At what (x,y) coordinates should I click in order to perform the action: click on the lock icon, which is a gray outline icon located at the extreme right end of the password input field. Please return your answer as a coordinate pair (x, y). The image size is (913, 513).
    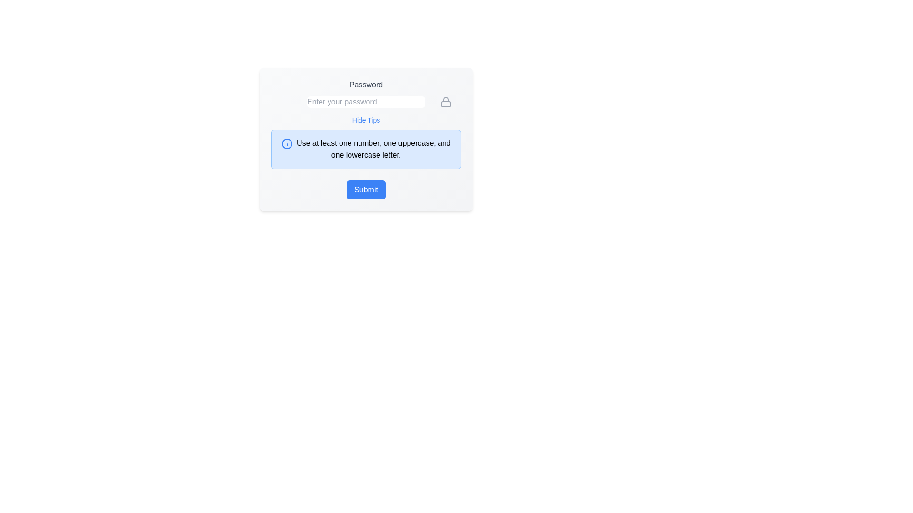
    Looking at the image, I should click on (445, 102).